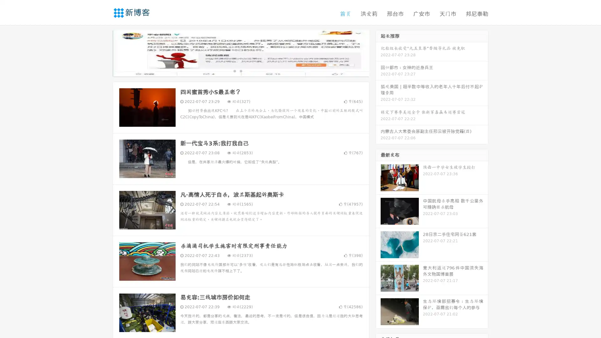 This screenshot has height=338, width=601. What do you see at coordinates (234, 70) in the screenshot?
I see `Go to slide 1` at bounding box center [234, 70].